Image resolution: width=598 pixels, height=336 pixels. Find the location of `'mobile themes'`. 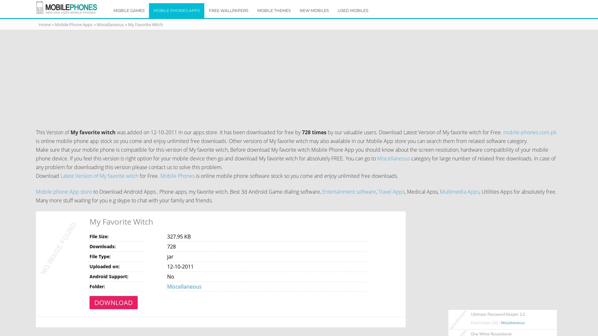

'mobile themes' is located at coordinates (257, 10).